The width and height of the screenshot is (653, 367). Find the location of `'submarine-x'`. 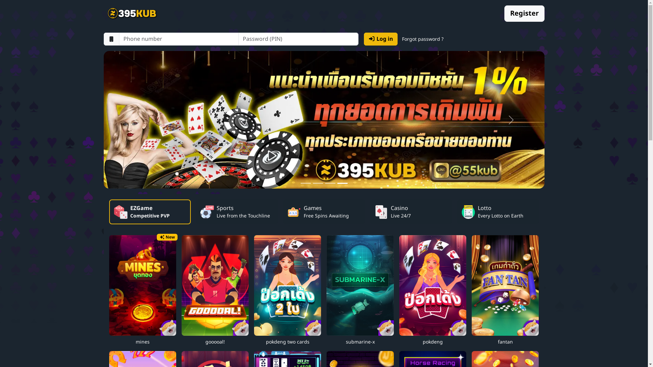

'submarine-x' is located at coordinates (359, 290).